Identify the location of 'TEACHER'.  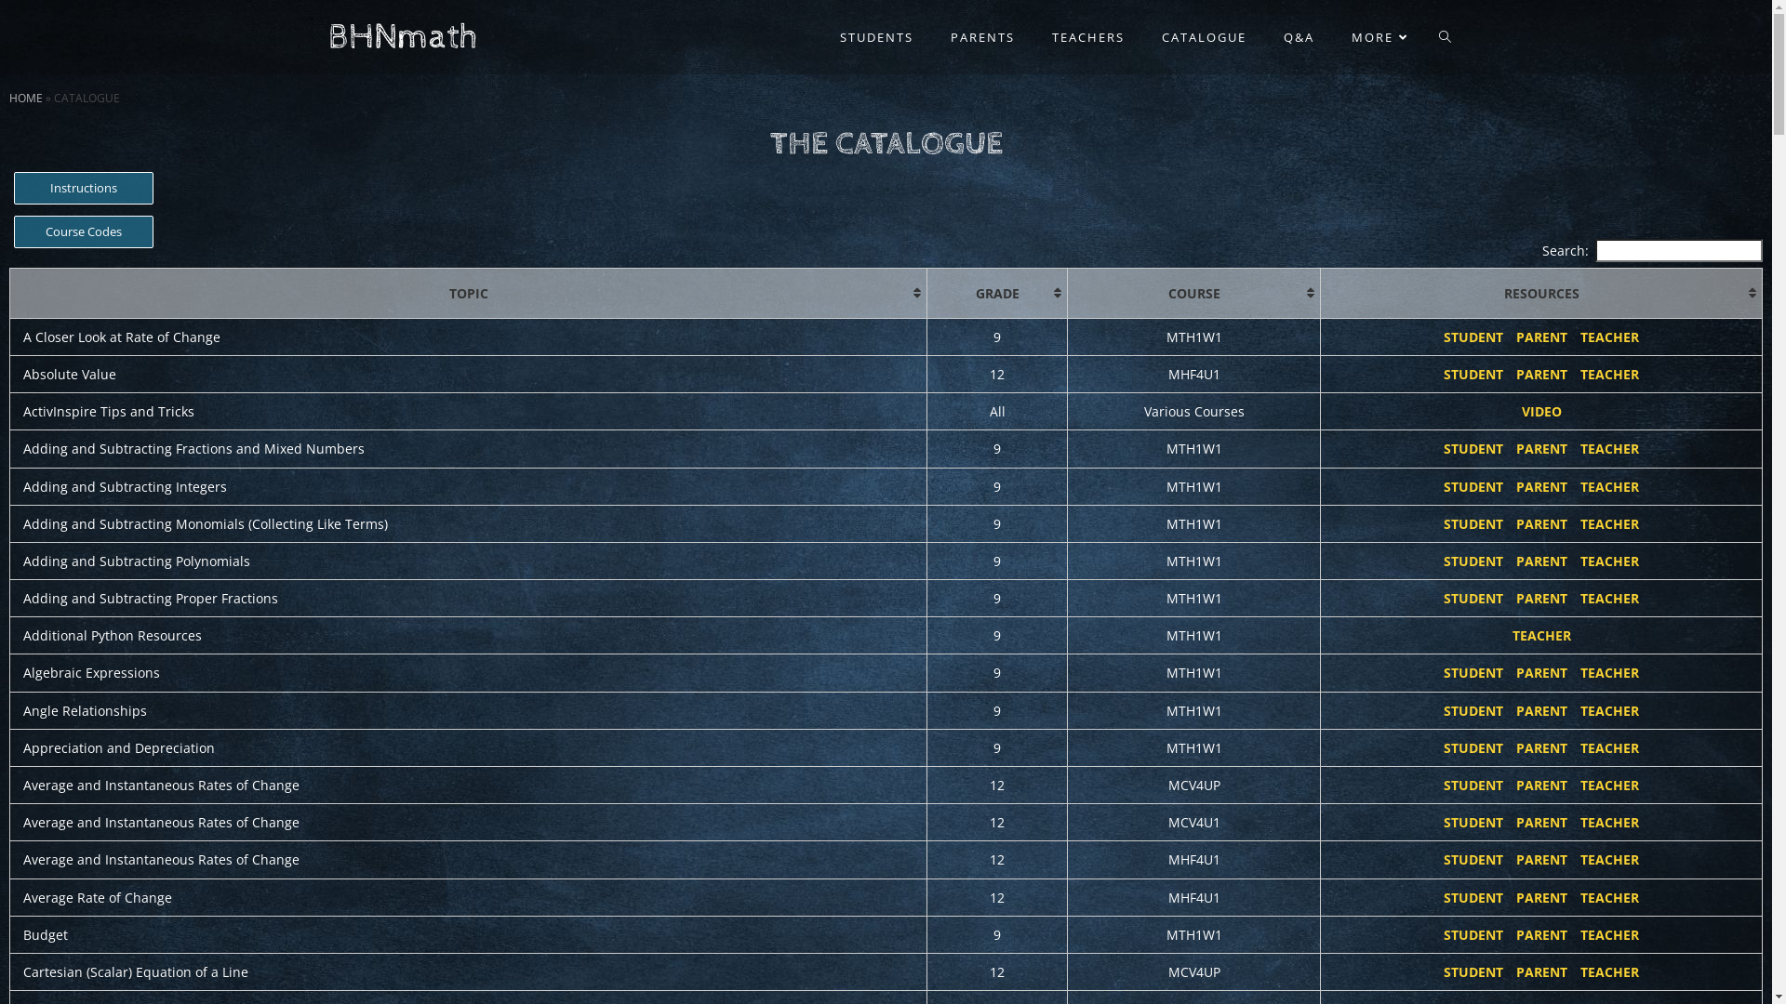
(1608, 337).